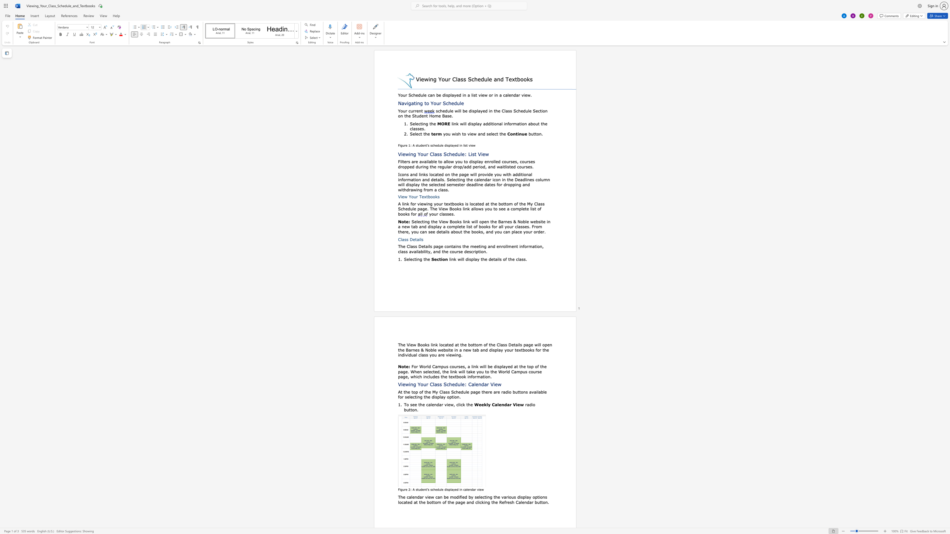 This screenshot has height=534, width=950. Describe the element at coordinates (472, 133) in the screenshot. I see `the 1th character "e" in the text` at that location.